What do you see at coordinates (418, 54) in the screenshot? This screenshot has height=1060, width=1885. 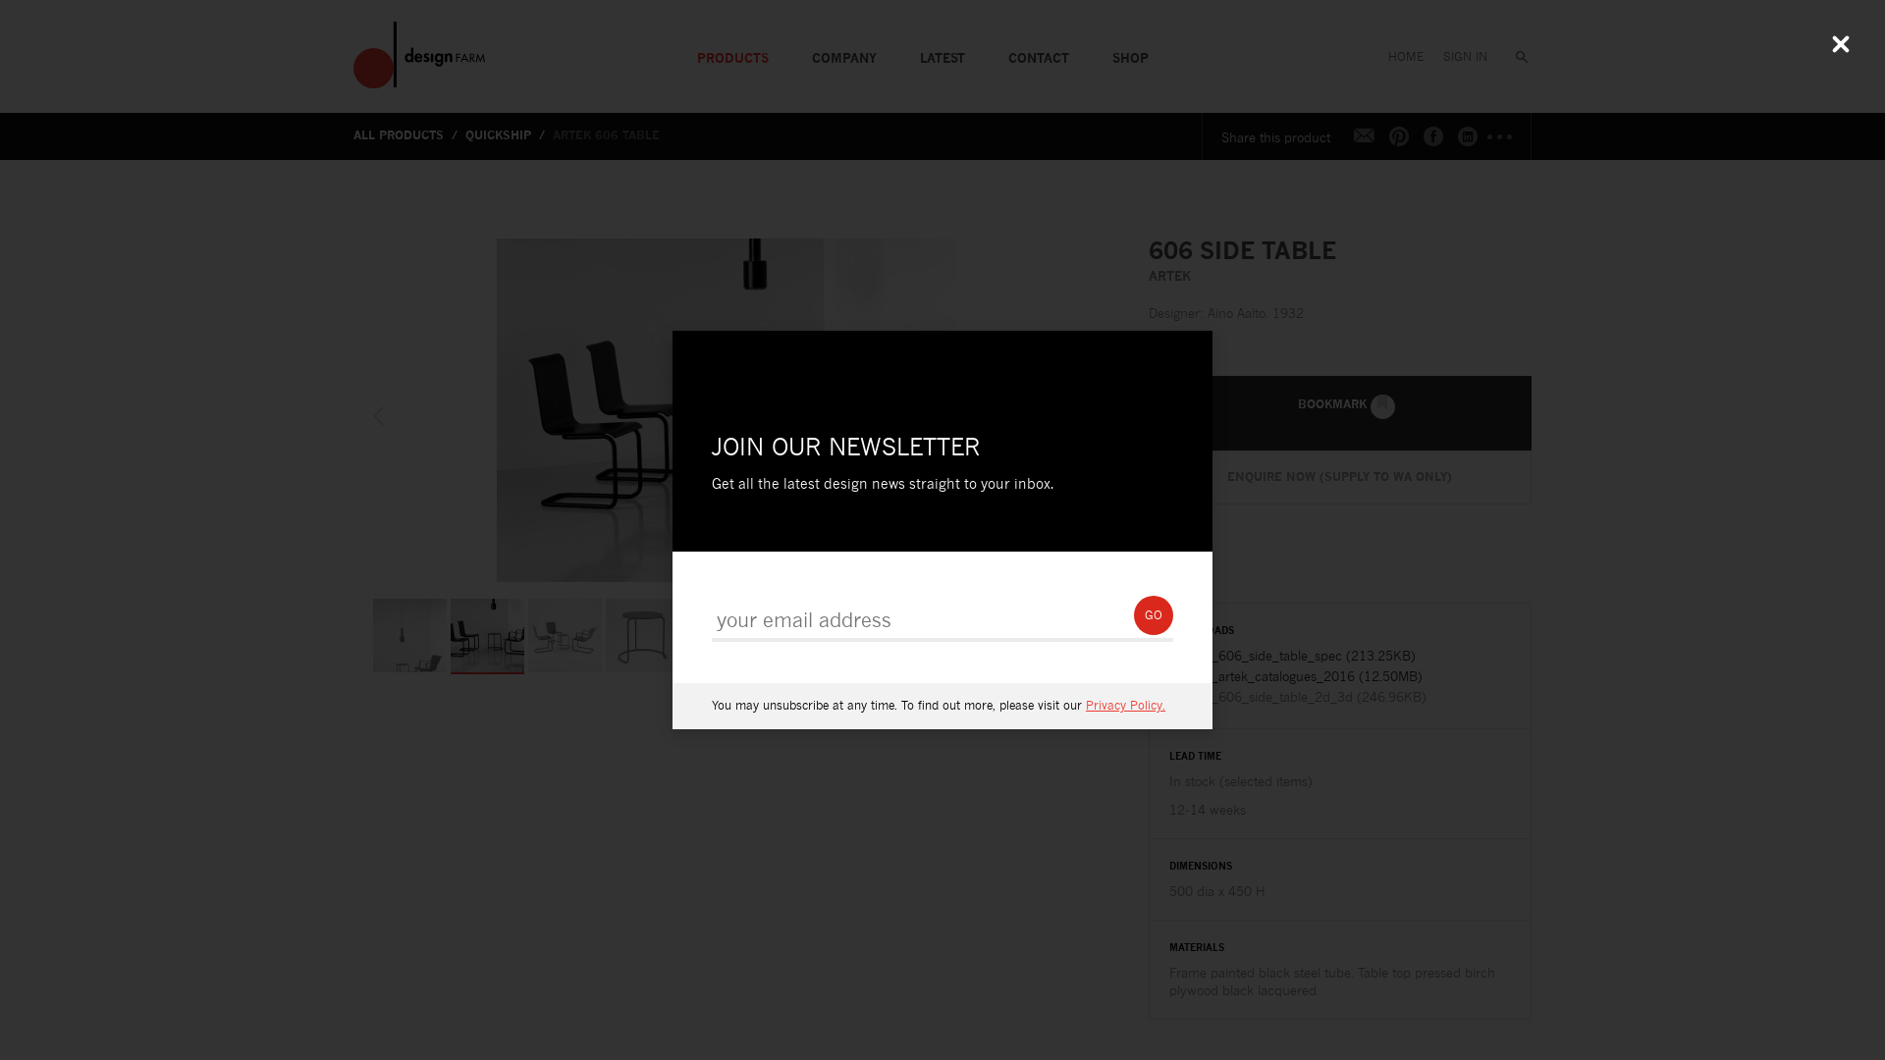 I see `'designFARM'` at bounding box center [418, 54].